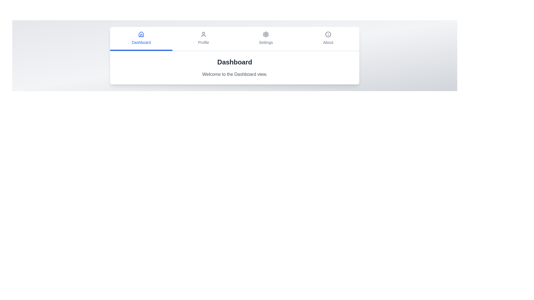 Image resolution: width=534 pixels, height=300 pixels. I want to click on the tab labeled About to view its content, so click(328, 38).